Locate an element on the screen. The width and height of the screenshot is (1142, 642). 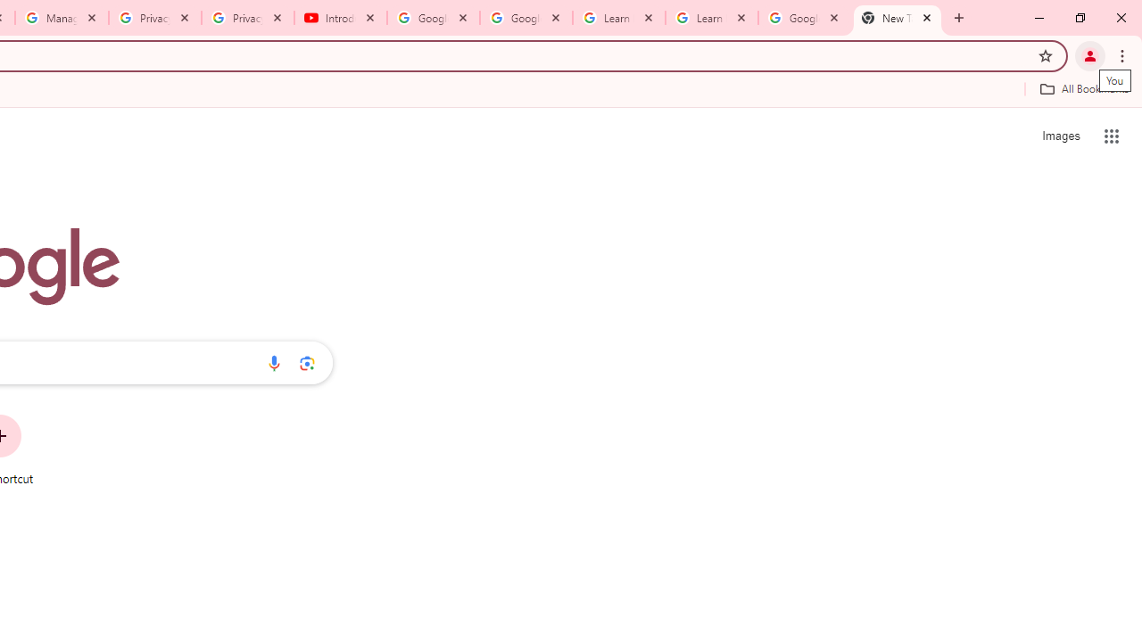
'Search by image' is located at coordinates (307, 362).